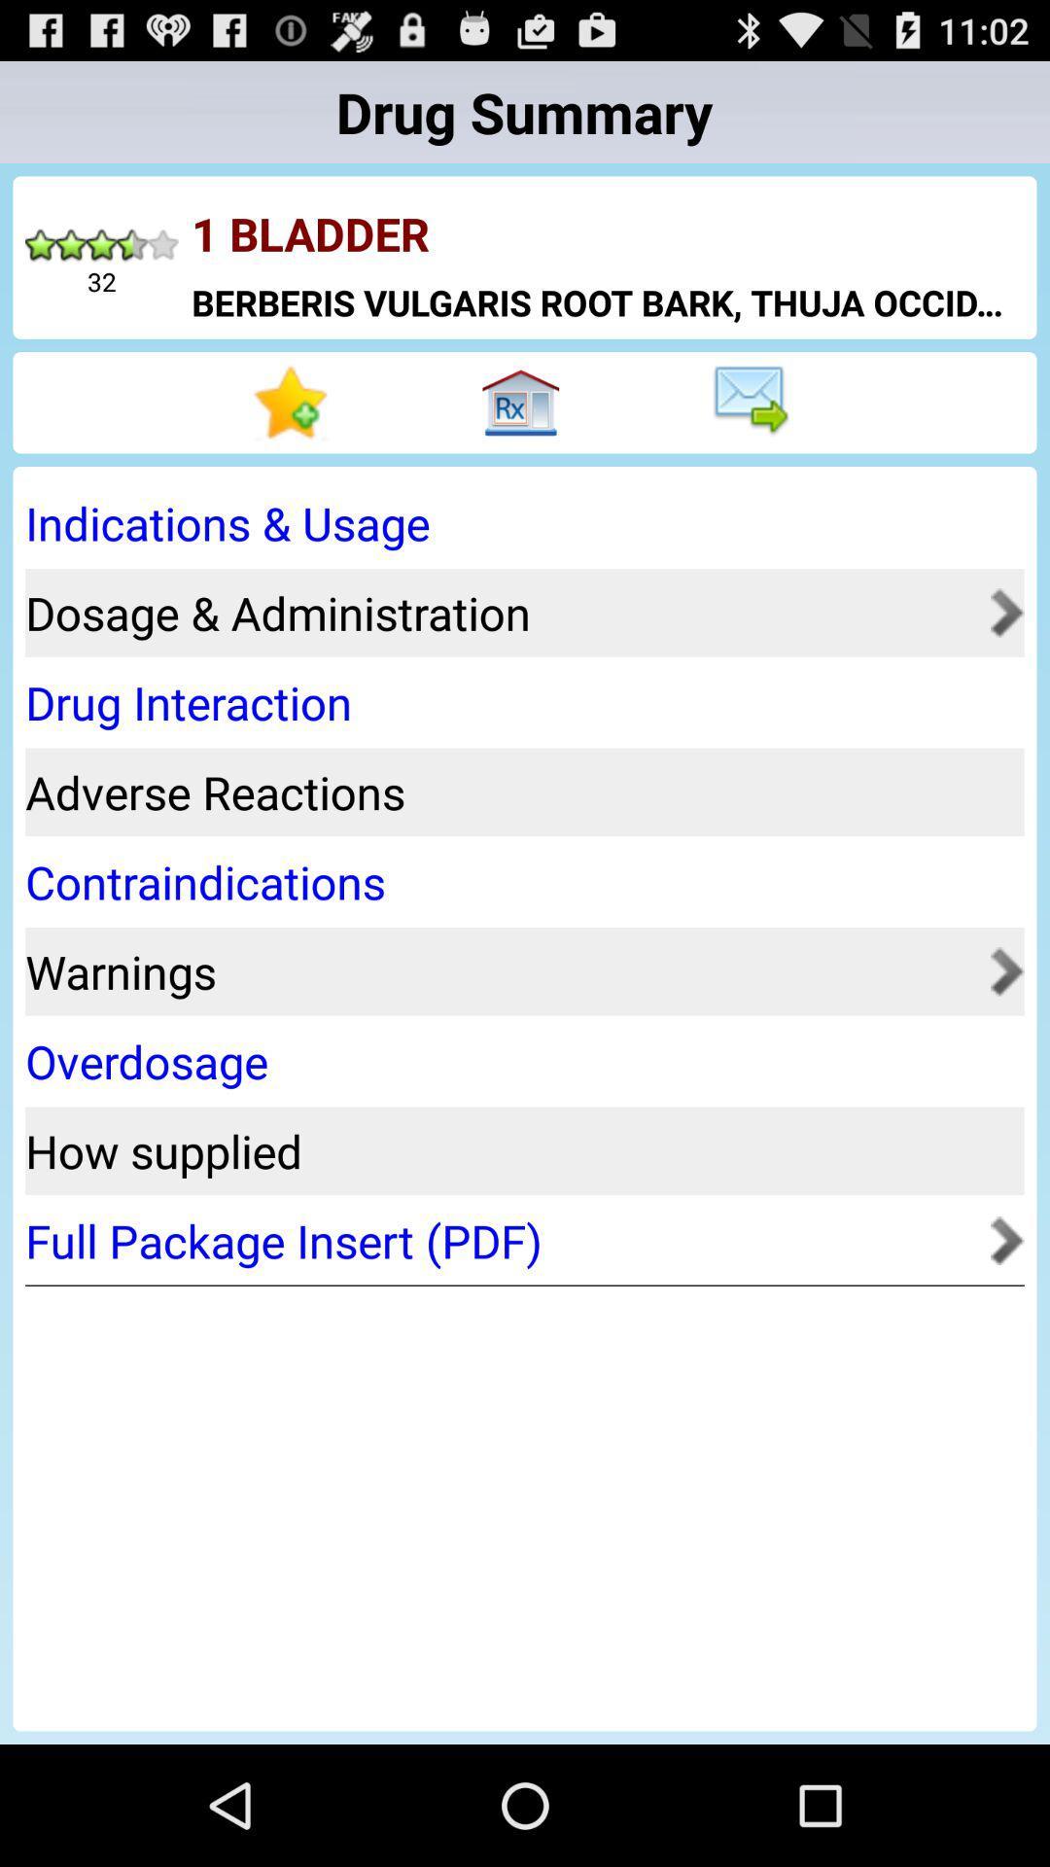 The height and width of the screenshot is (1867, 1050). I want to click on favorite, so click(295, 402).